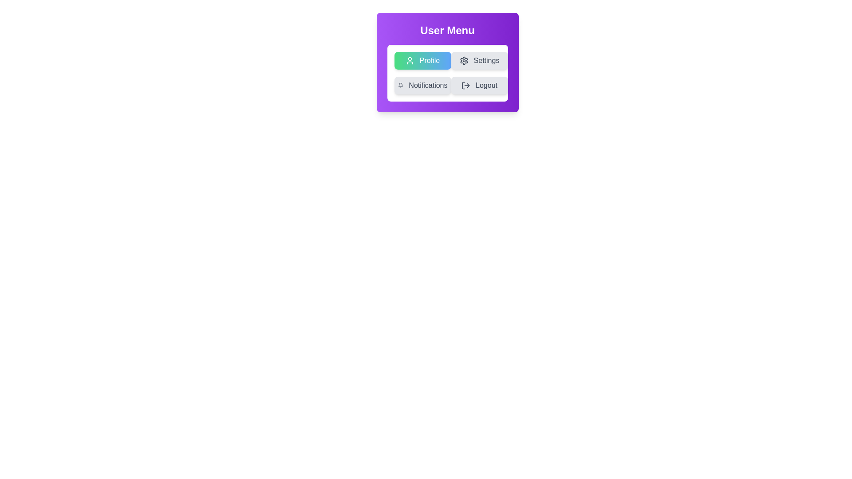  What do you see at coordinates (479, 85) in the screenshot?
I see `the menu option Logout by clicking on its button` at bounding box center [479, 85].